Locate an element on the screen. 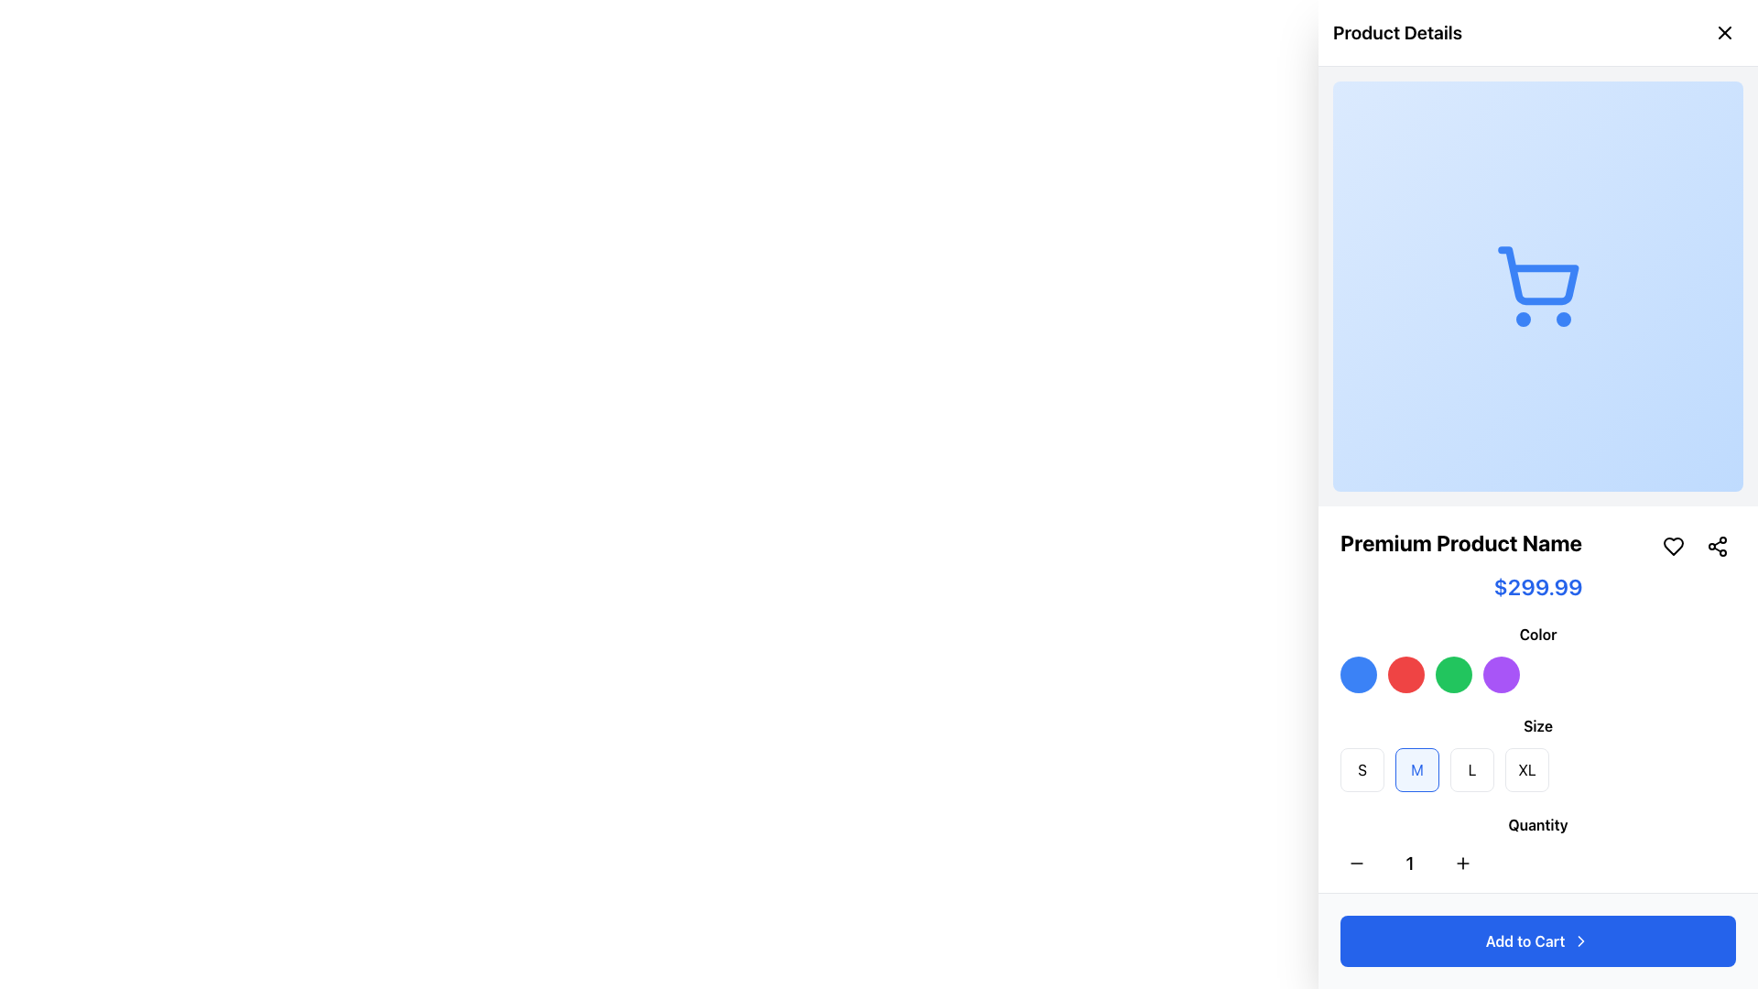  the close button located in the header section of the right-side panel is located at coordinates (1723, 32).